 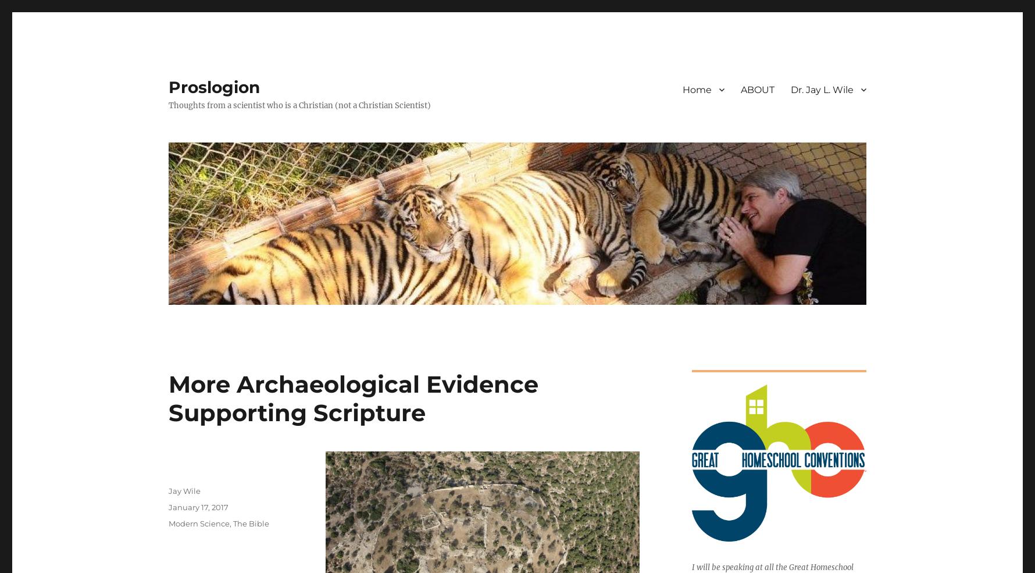 I want to click on 'More Archaeological Evidence Supporting Scripture', so click(x=354, y=397).